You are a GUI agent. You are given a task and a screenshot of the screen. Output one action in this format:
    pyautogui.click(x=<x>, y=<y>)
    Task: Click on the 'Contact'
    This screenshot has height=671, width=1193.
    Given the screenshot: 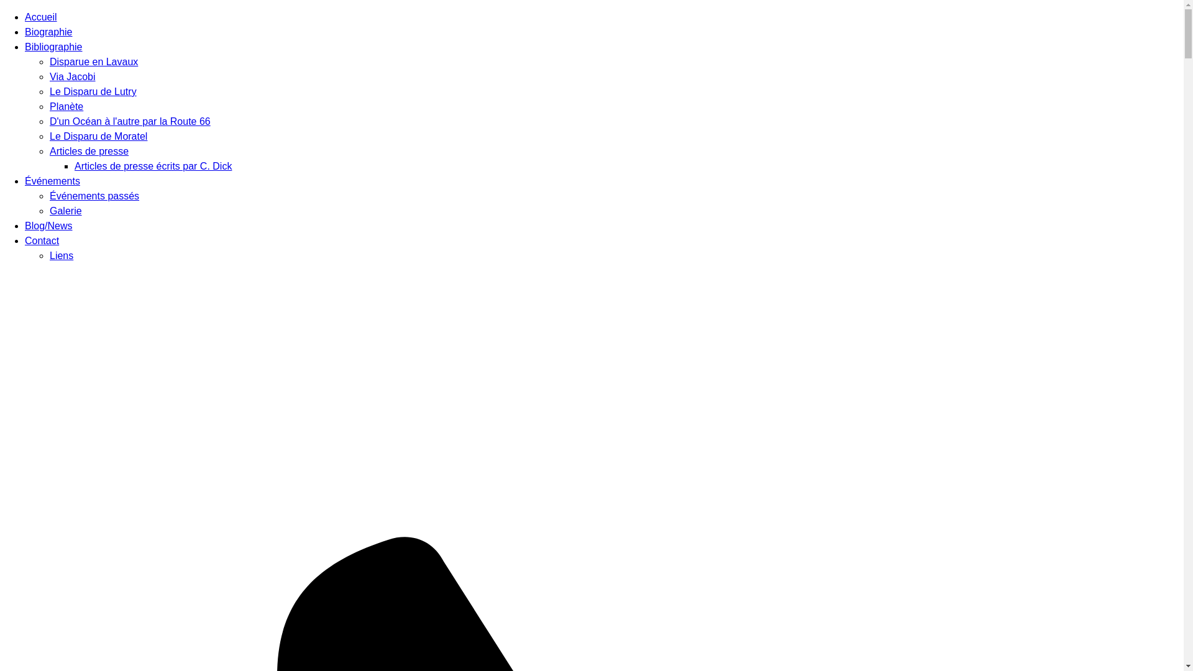 What is the action you would take?
    pyautogui.click(x=42, y=240)
    